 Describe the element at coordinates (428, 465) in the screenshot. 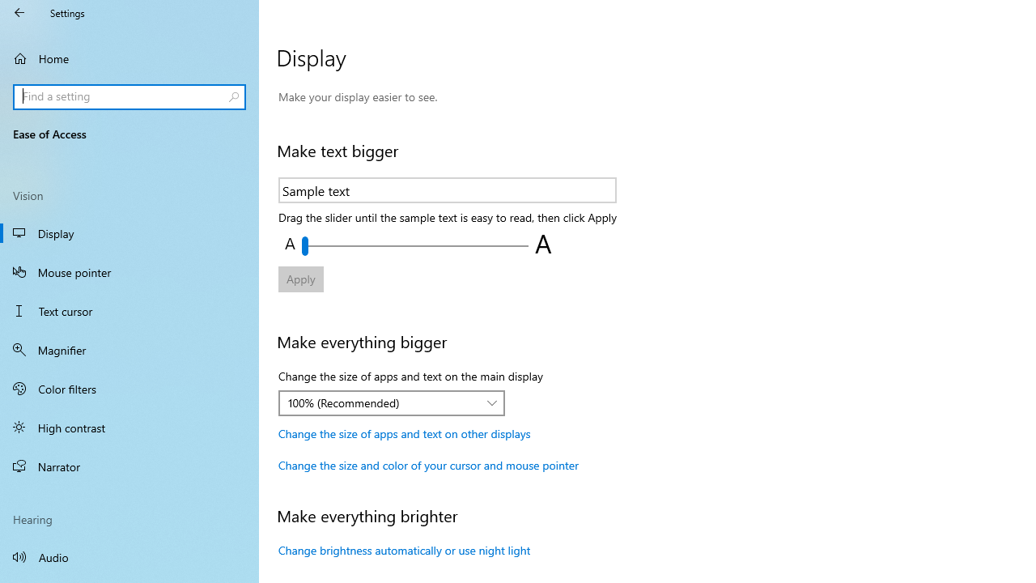

I see `'Change the size and color of your cursor and mouse pointer'` at that location.